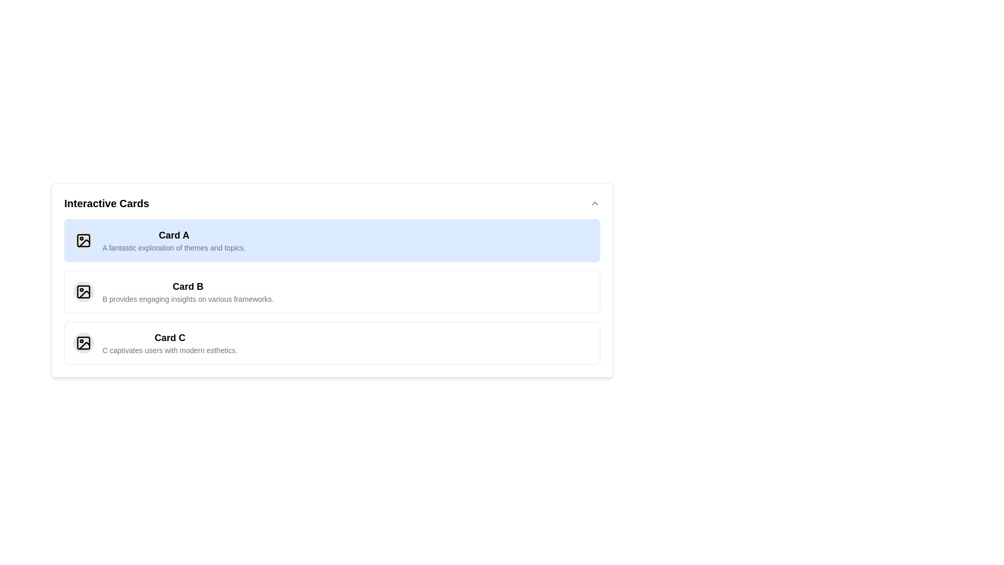  Describe the element at coordinates (332, 292) in the screenshot. I see `the second informational card in the vertically arranged list` at that location.